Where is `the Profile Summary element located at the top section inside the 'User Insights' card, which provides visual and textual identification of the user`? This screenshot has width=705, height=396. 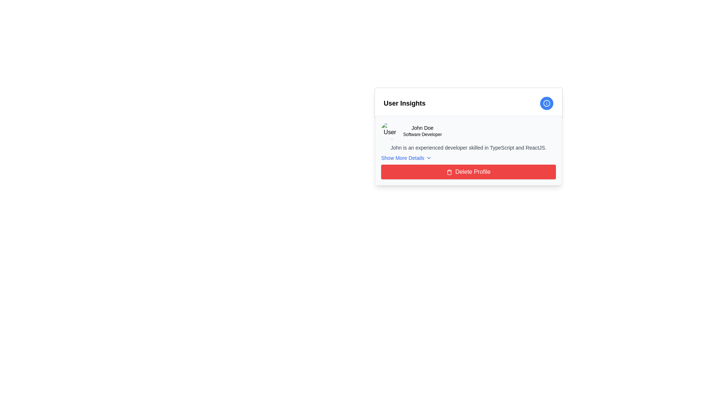 the Profile Summary element located at the top section inside the 'User Insights' card, which provides visual and textual identification of the user is located at coordinates (468, 131).